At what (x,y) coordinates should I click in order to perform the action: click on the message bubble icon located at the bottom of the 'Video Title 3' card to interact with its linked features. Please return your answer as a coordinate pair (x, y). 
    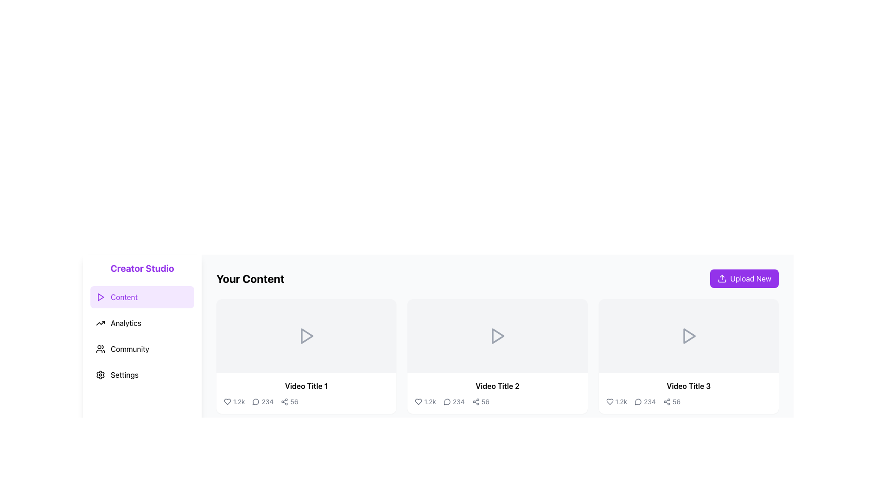
    Looking at the image, I should click on (637, 401).